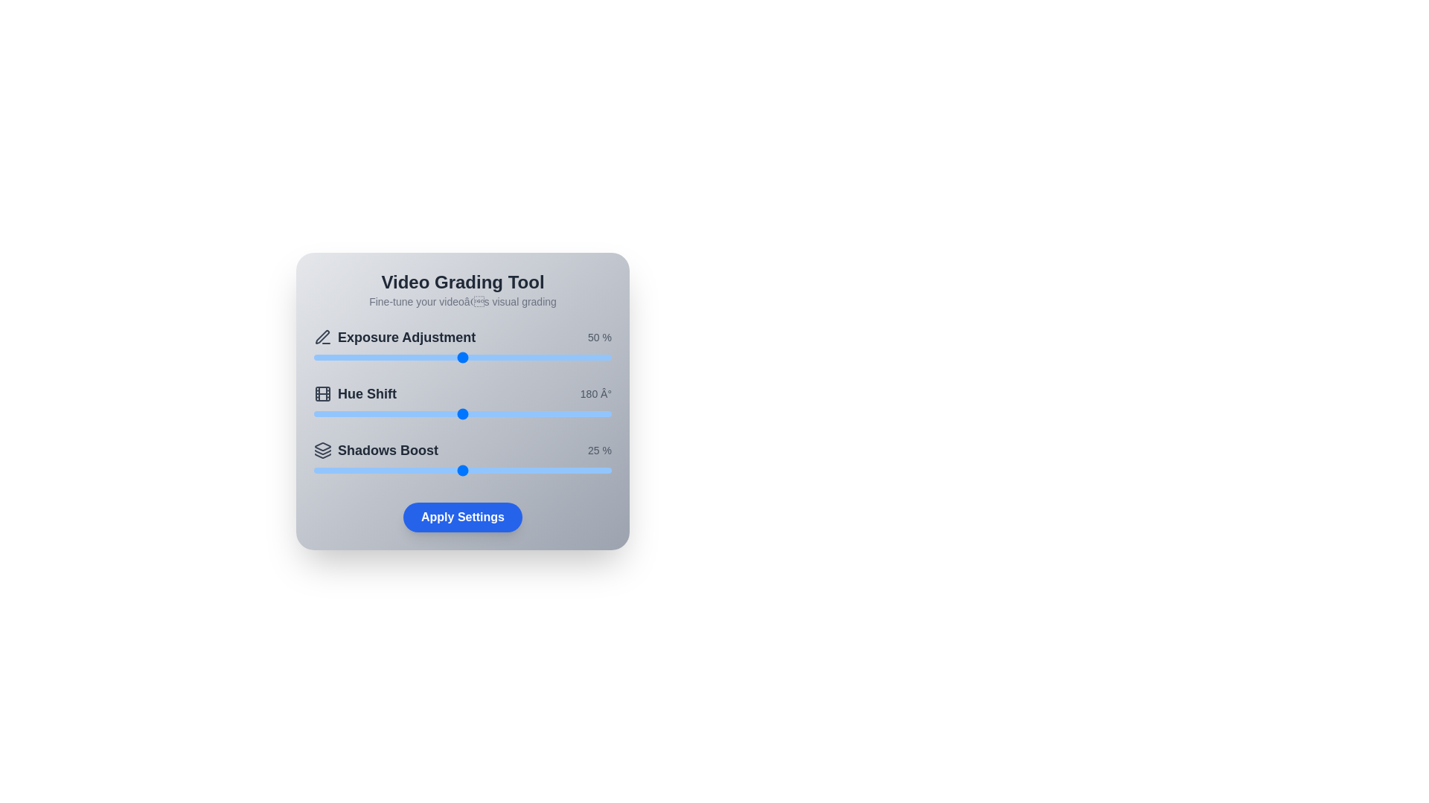 This screenshot has height=803, width=1429. What do you see at coordinates (450, 413) in the screenshot?
I see `the hue shift` at bounding box center [450, 413].